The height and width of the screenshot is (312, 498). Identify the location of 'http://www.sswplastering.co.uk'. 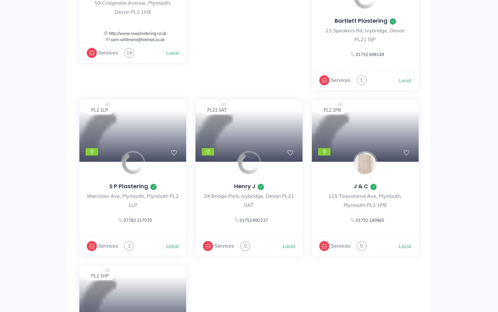
(137, 33).